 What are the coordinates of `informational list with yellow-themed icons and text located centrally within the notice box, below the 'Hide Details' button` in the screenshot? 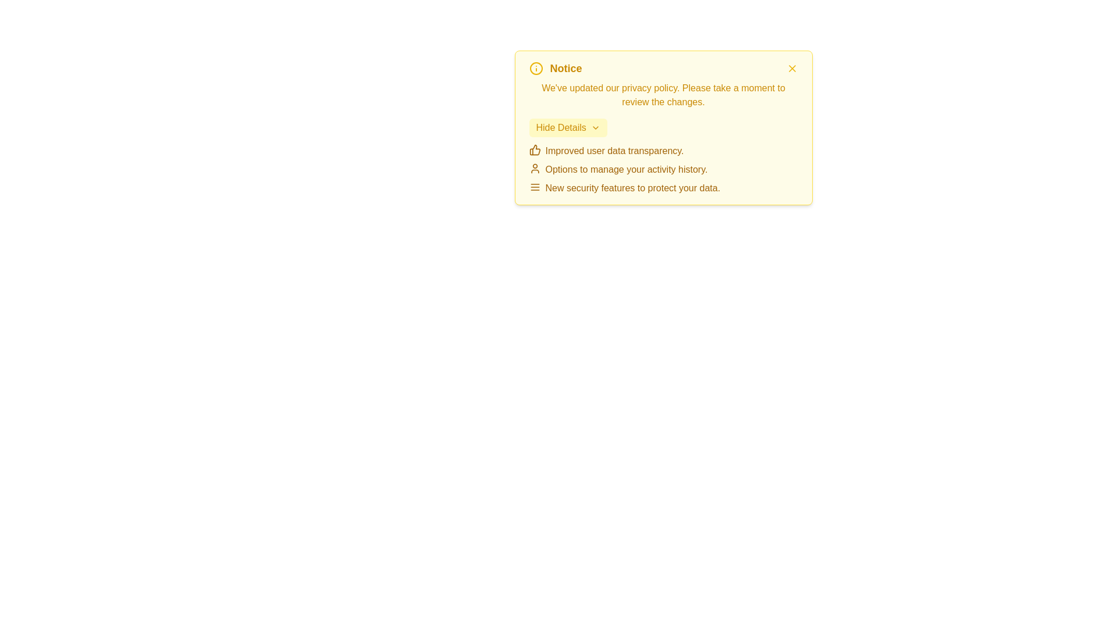 It's located at (663, 170).